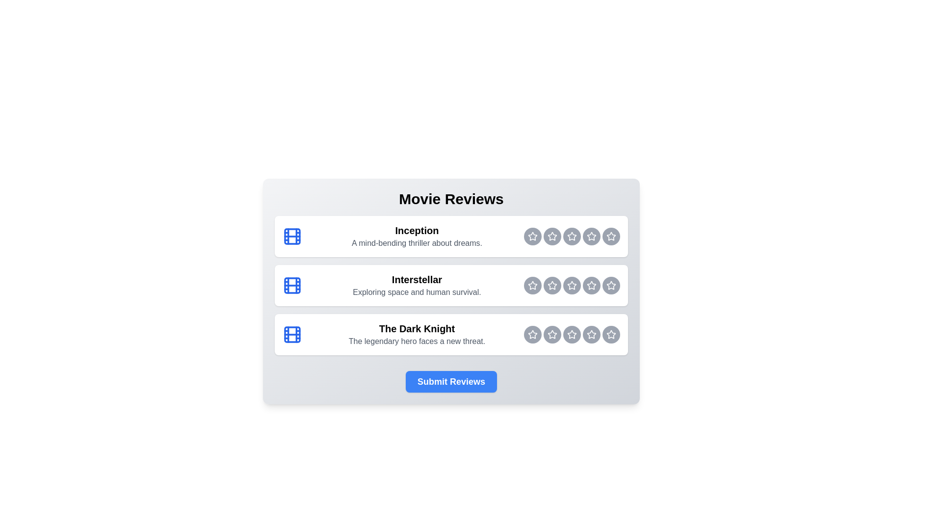 Image resolution: width=942 pixels, height=530 pixels. What do you see at coordinates (532, 286) in the screenshot?
I see `the rating button for Interstellar at 1 stars` at bounding box center [532, 286].